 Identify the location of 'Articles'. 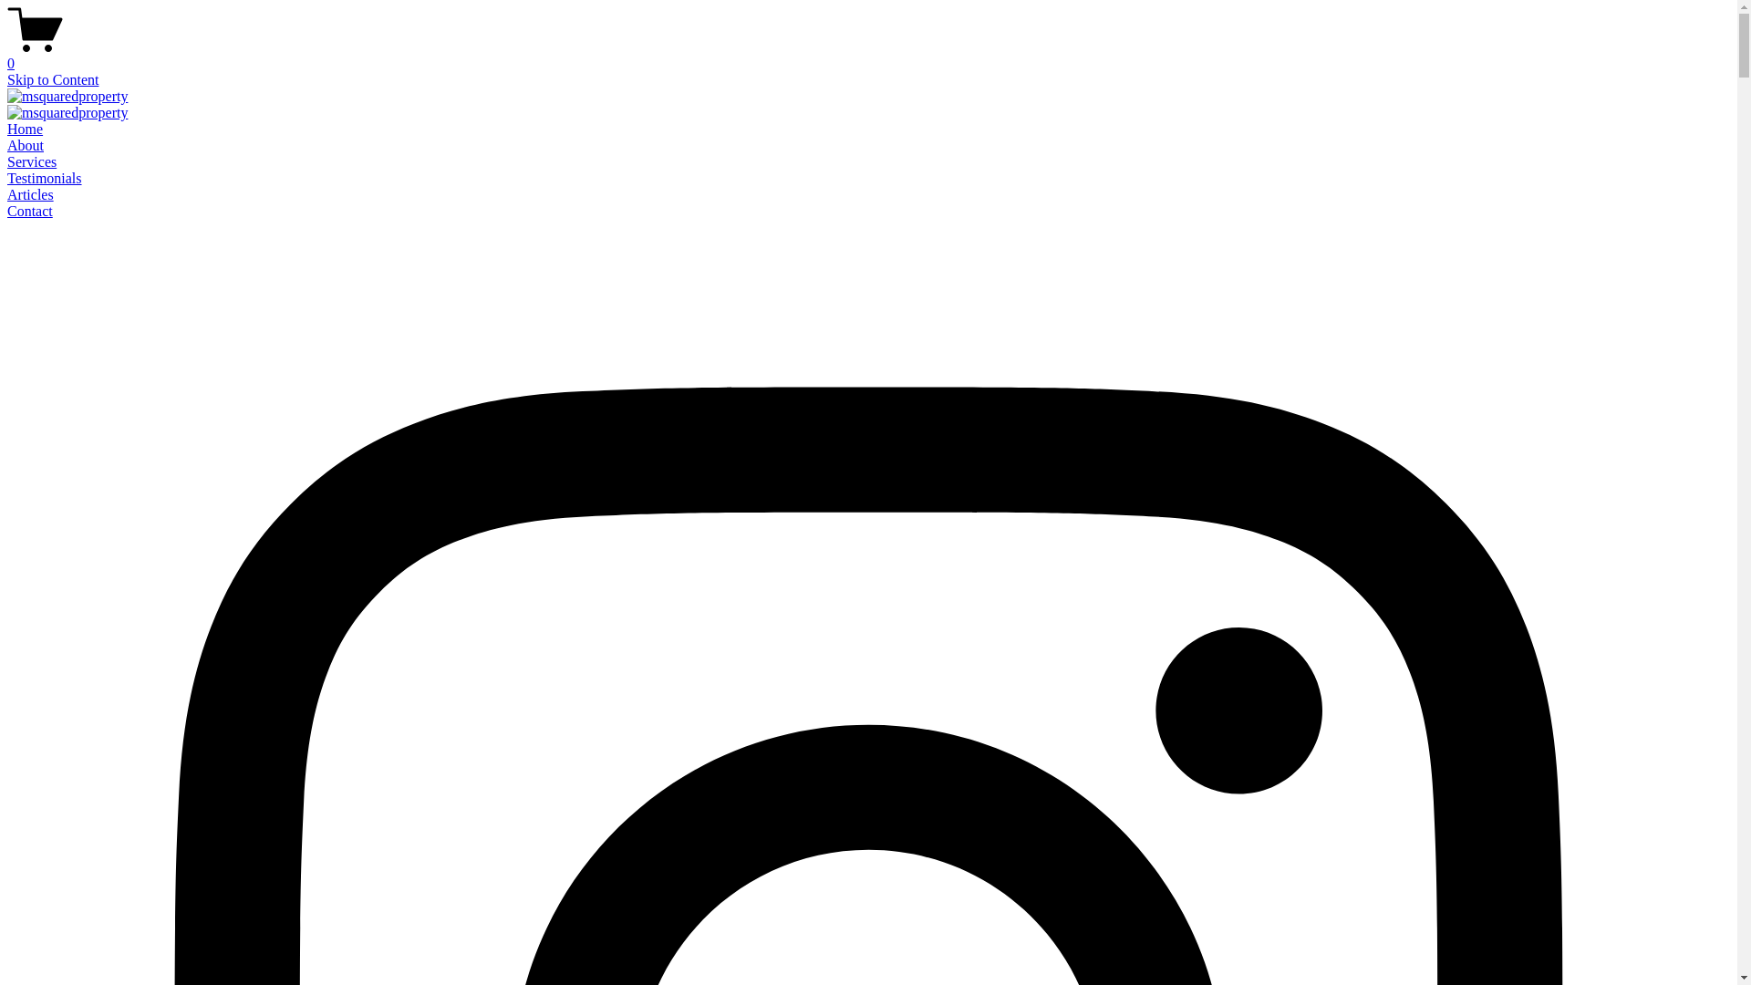
(7, 194).